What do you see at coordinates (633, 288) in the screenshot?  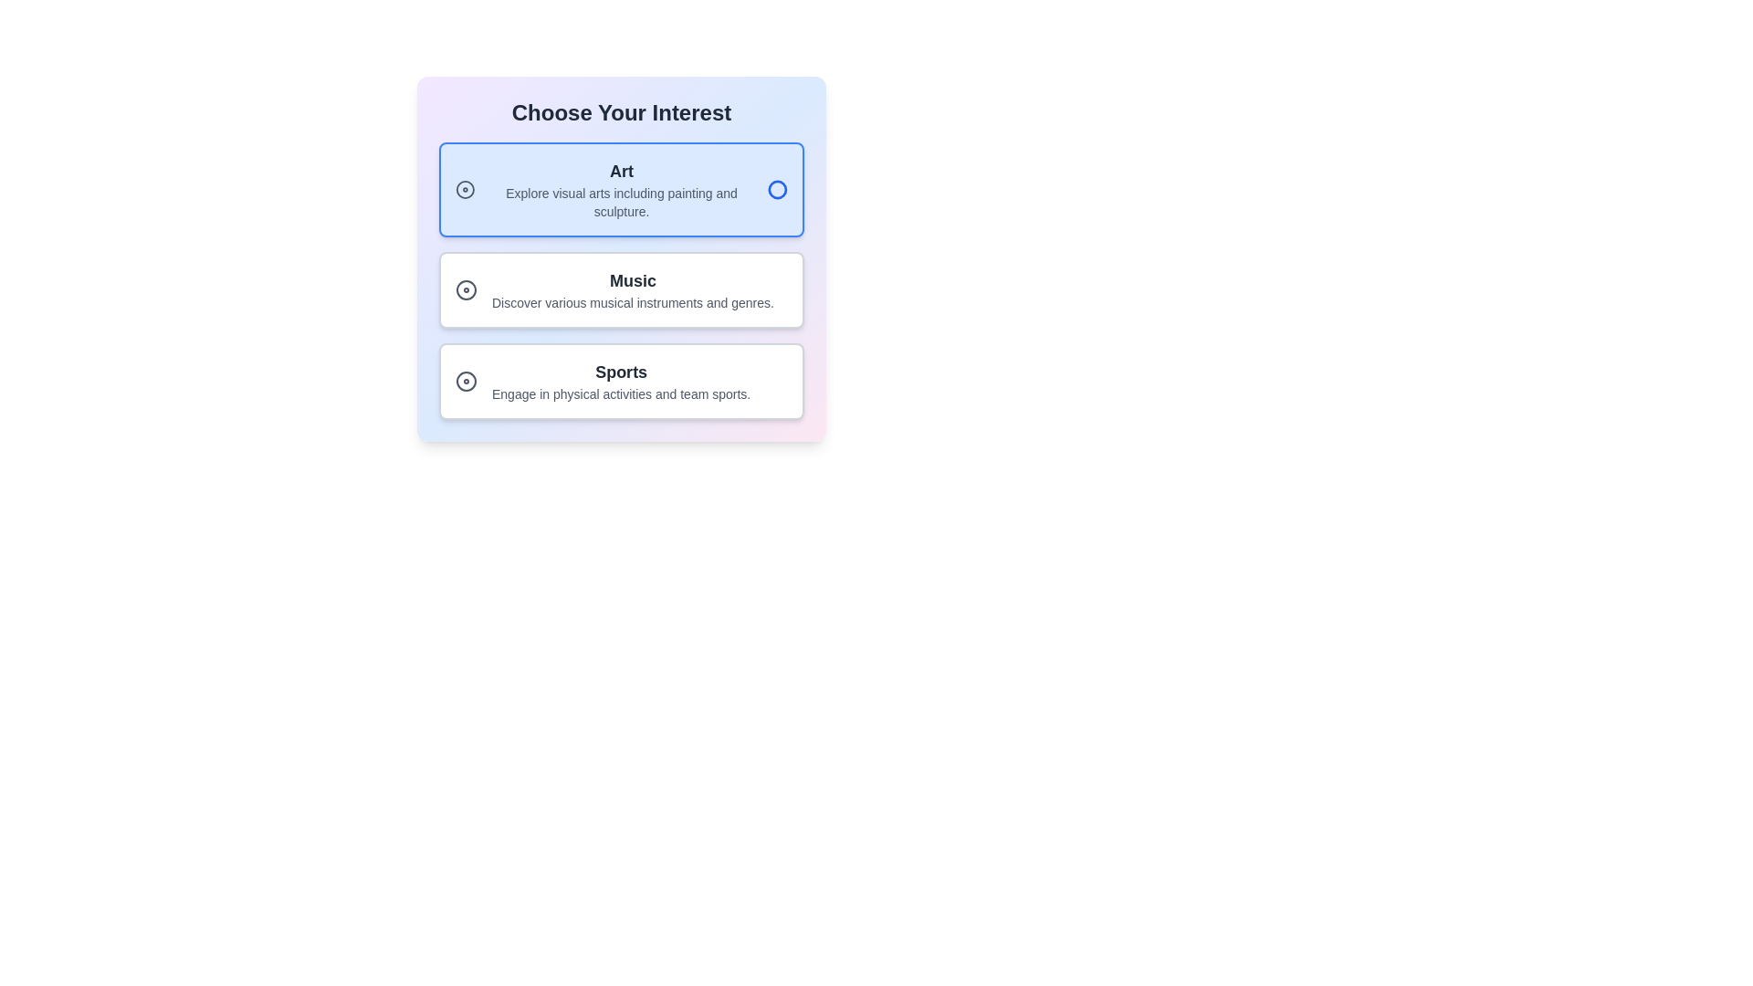 I see `the 'Music' selectable option` at bounding box center [633, 288].